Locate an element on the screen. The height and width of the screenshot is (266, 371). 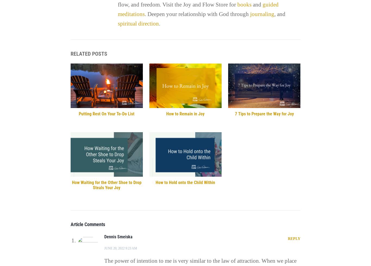
', and' is located at coordinates (279, 14).